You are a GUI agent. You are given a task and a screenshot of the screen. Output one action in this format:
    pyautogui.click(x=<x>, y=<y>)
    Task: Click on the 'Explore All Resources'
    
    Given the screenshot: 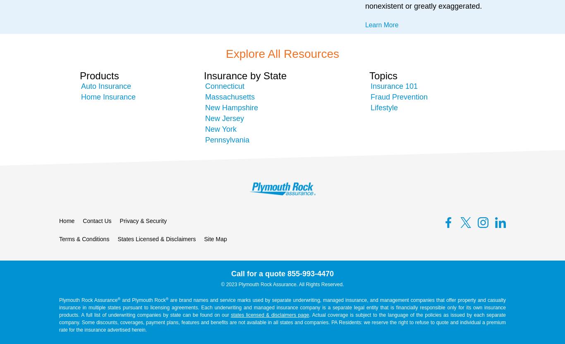 What is the action you would take?
    pyautogui.click(x=225, y=54)
    